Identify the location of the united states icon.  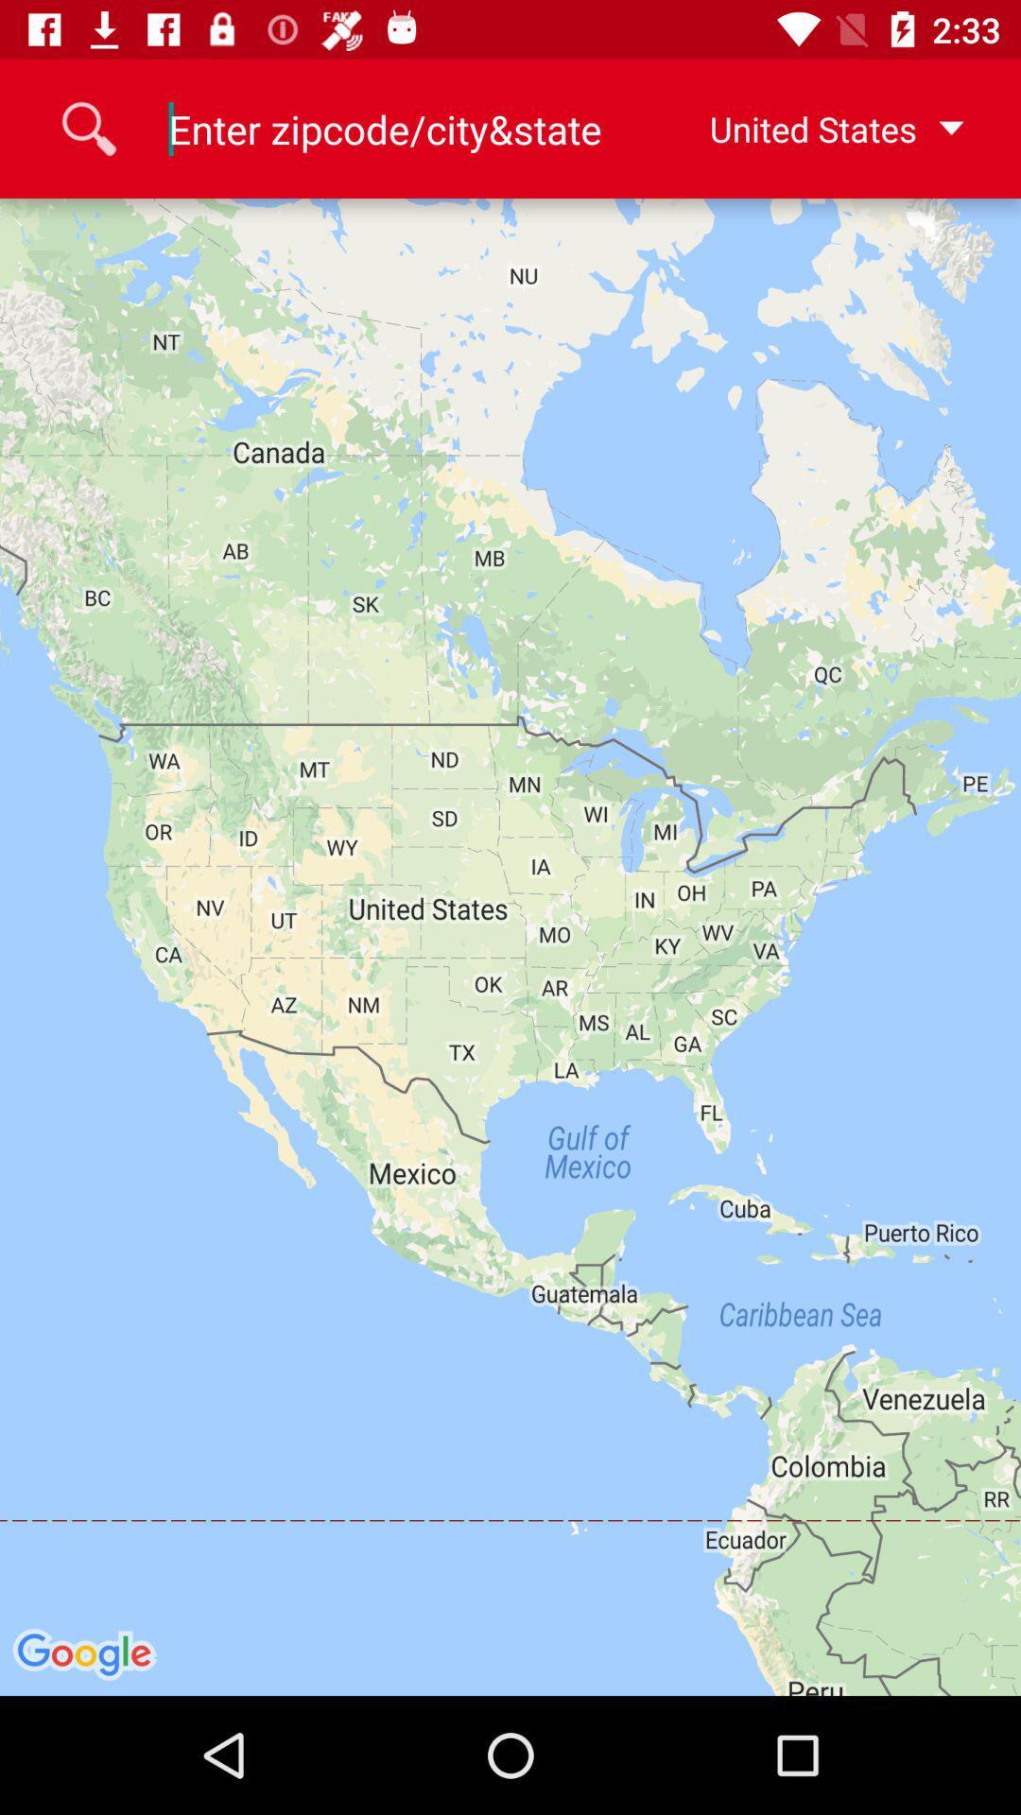
(806, 128).